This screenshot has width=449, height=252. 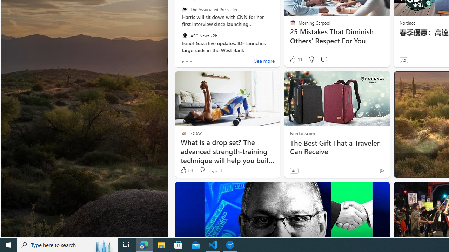 I want to click on 'ABC News', so click(x=185, y=35).